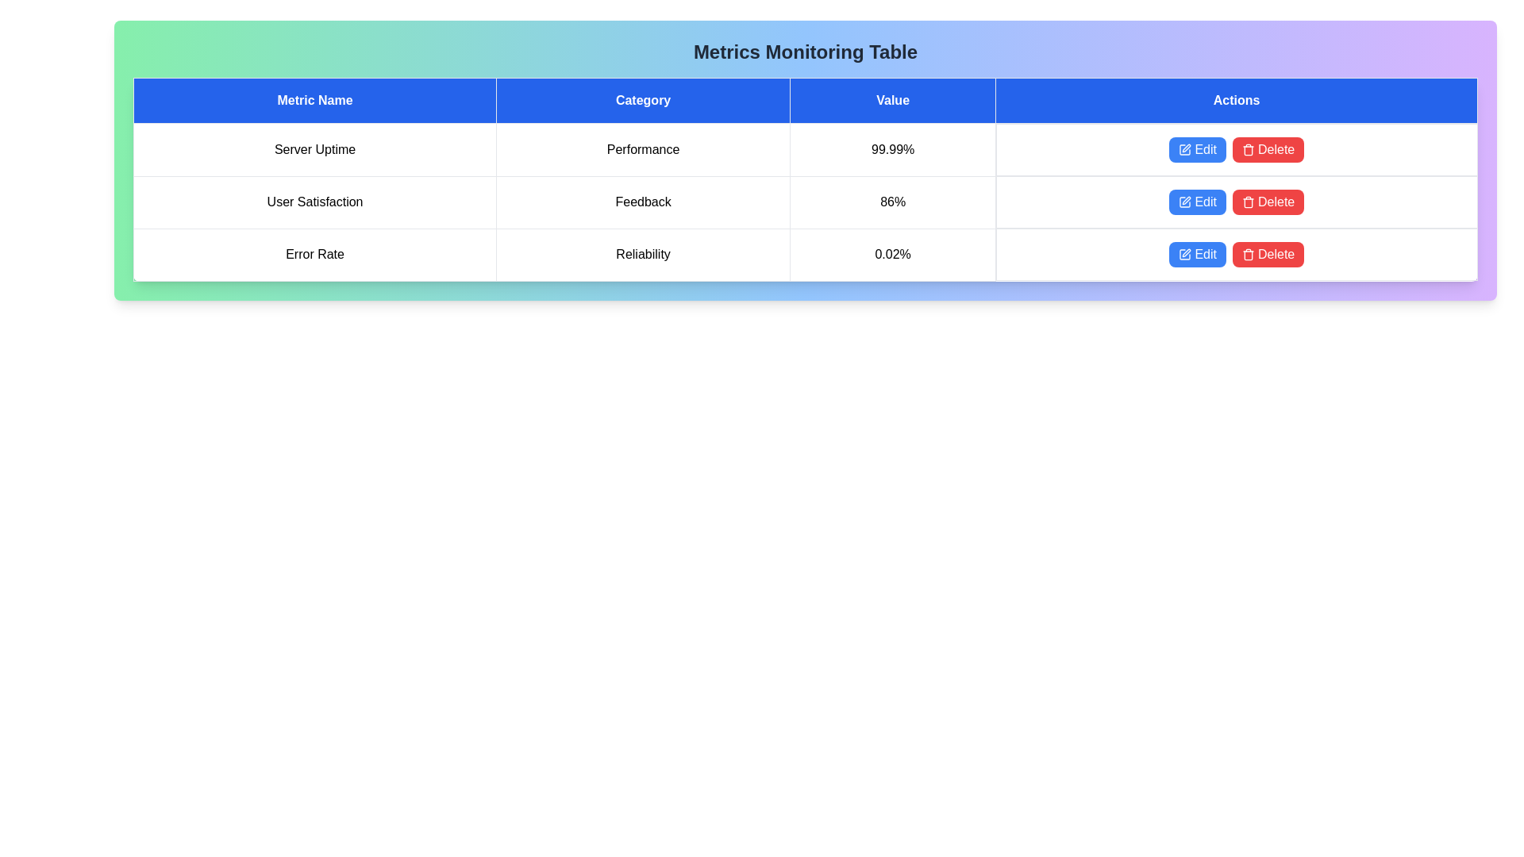 This screenshot has width=1524, height=857. Describe the element at coordinates (1197, 253) in the screenshot. I see `the 'Edit' button for the metric Error Rate` at that location.